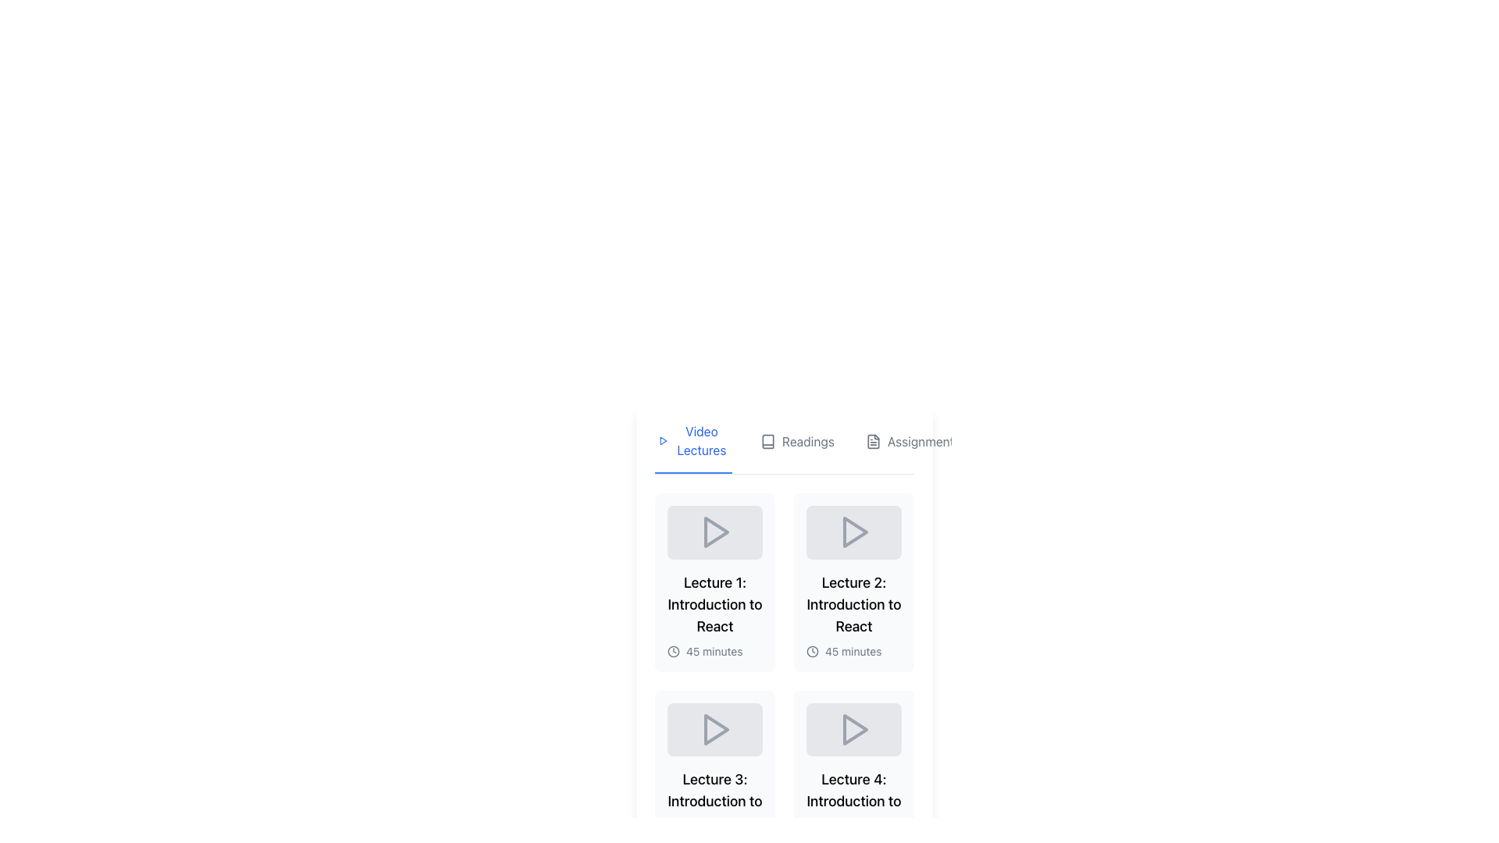 This screenshot has height=843, width=1499. I want to click on text label that displays 'Lecture 2: Introduction to React' to understand the lecture title, so click(853, 603).